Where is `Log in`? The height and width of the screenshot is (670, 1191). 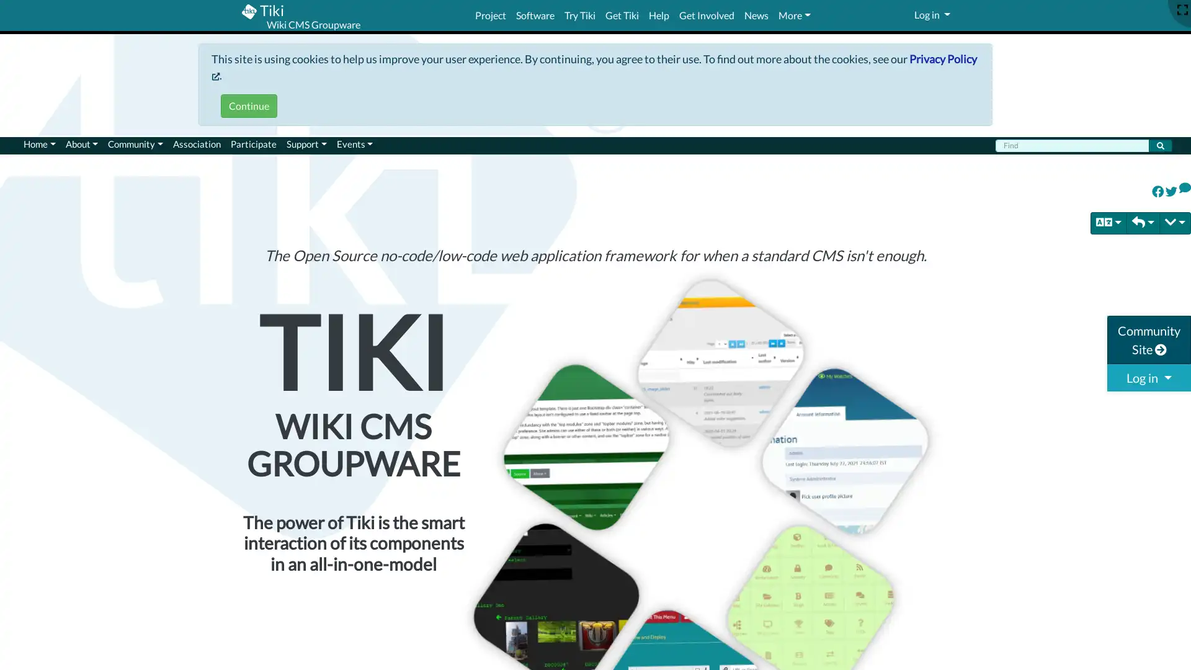
Log in is located at coordinates (932, 14).